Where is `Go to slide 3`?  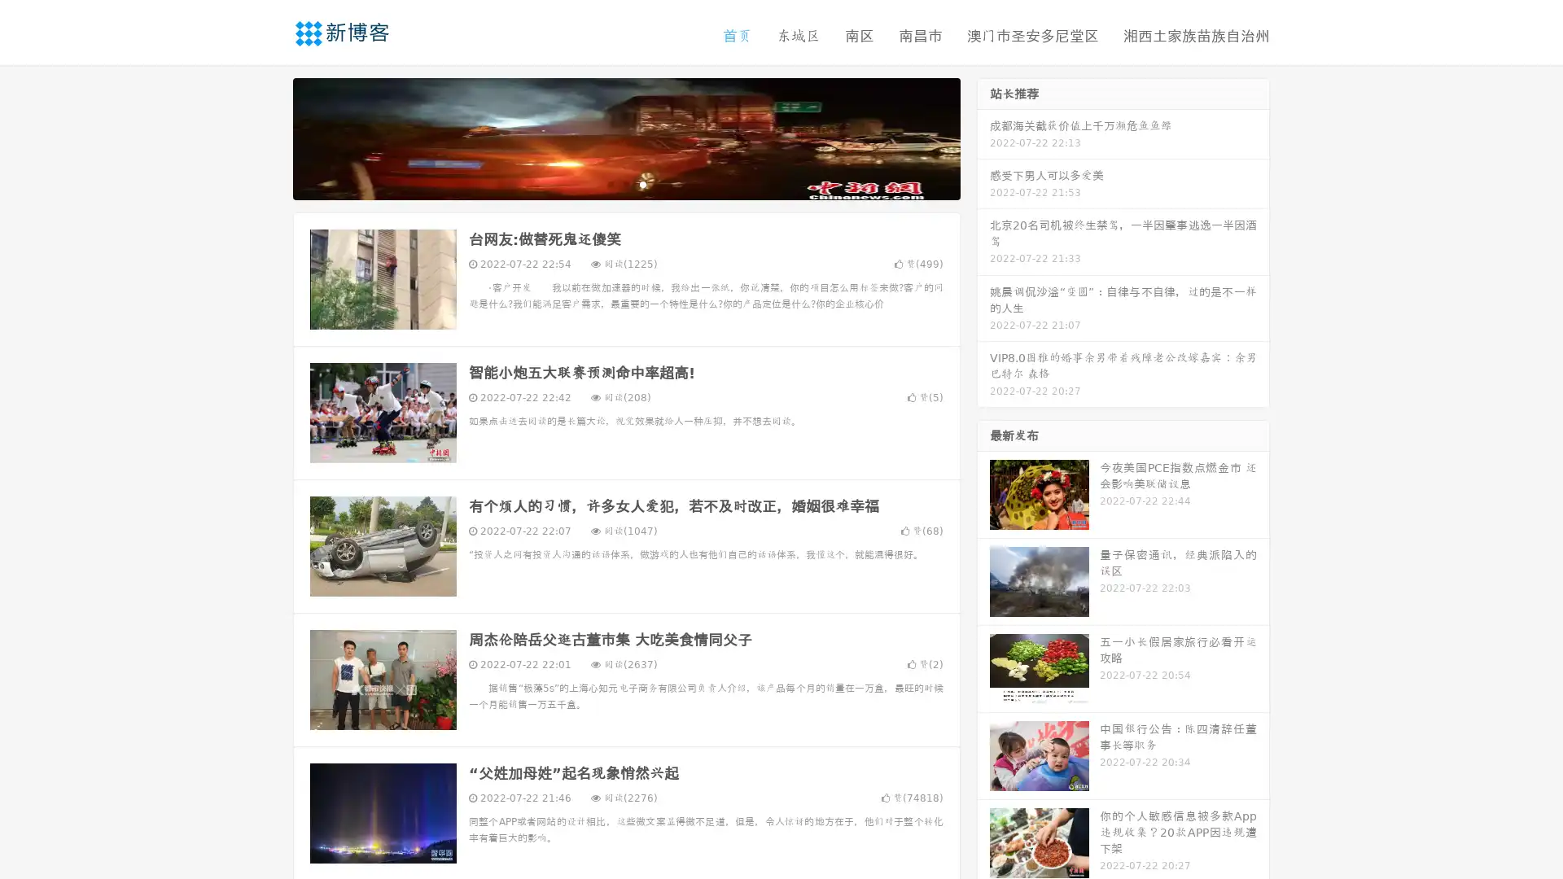 Go to slide 3 is located at coordinates (642, 183).